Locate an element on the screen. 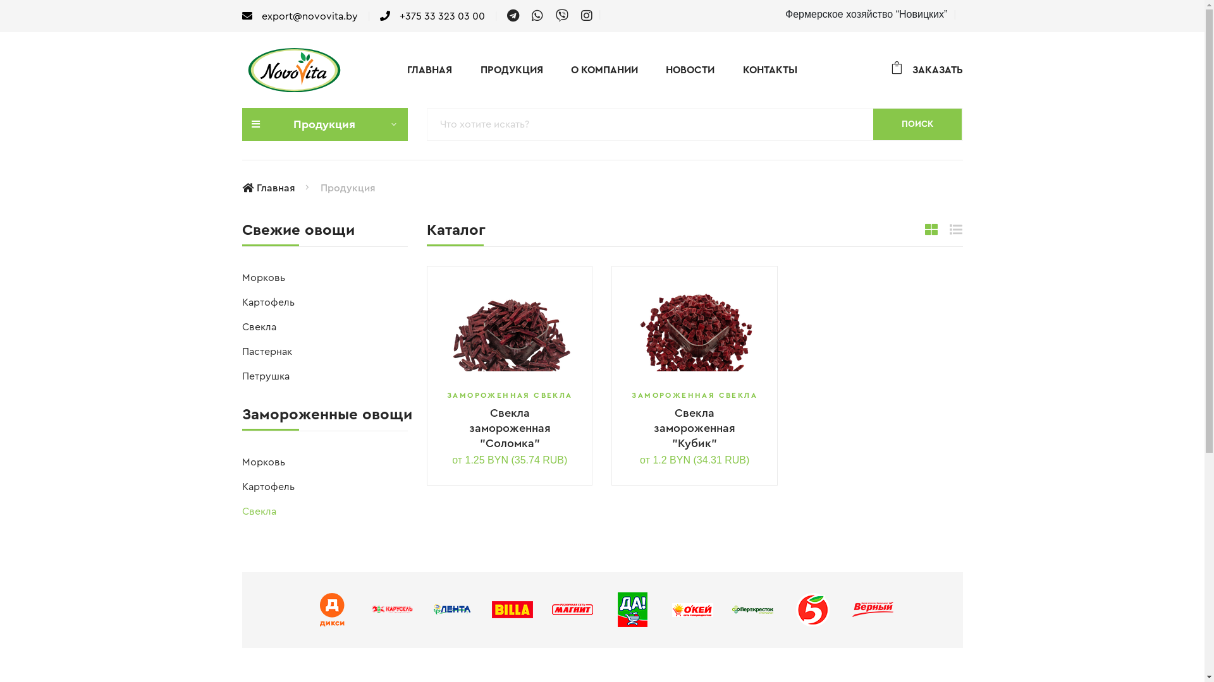 The height and width of the screenshot is (682, 1214). 'export@novovita.by' is located at coordinates (298, 16).